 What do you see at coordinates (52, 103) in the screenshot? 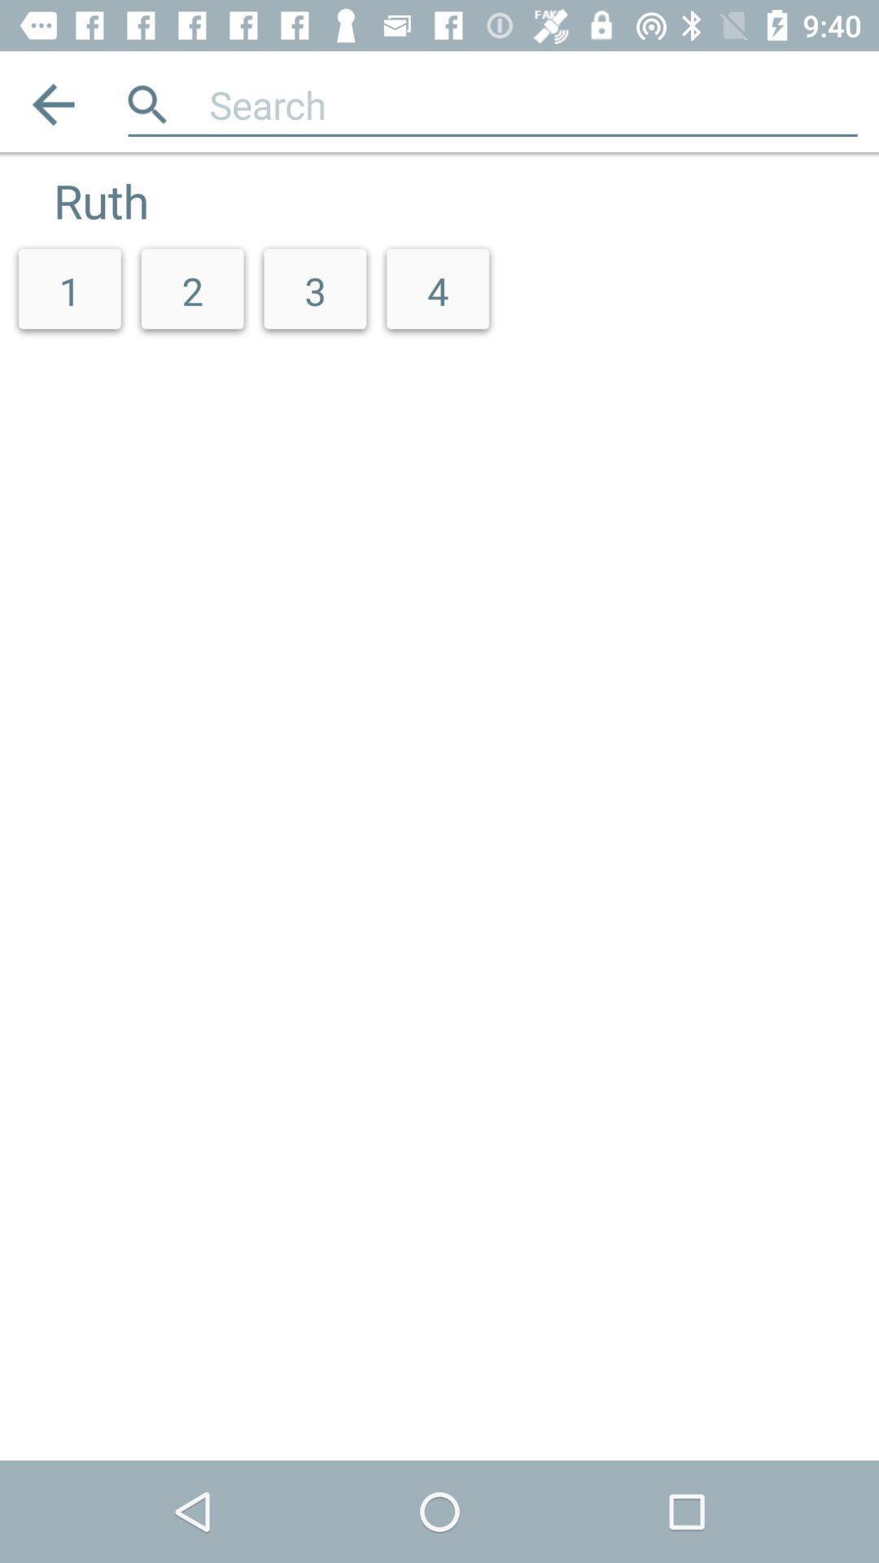
I see `the arrow_backward icon` at bounding box center [52, 103].